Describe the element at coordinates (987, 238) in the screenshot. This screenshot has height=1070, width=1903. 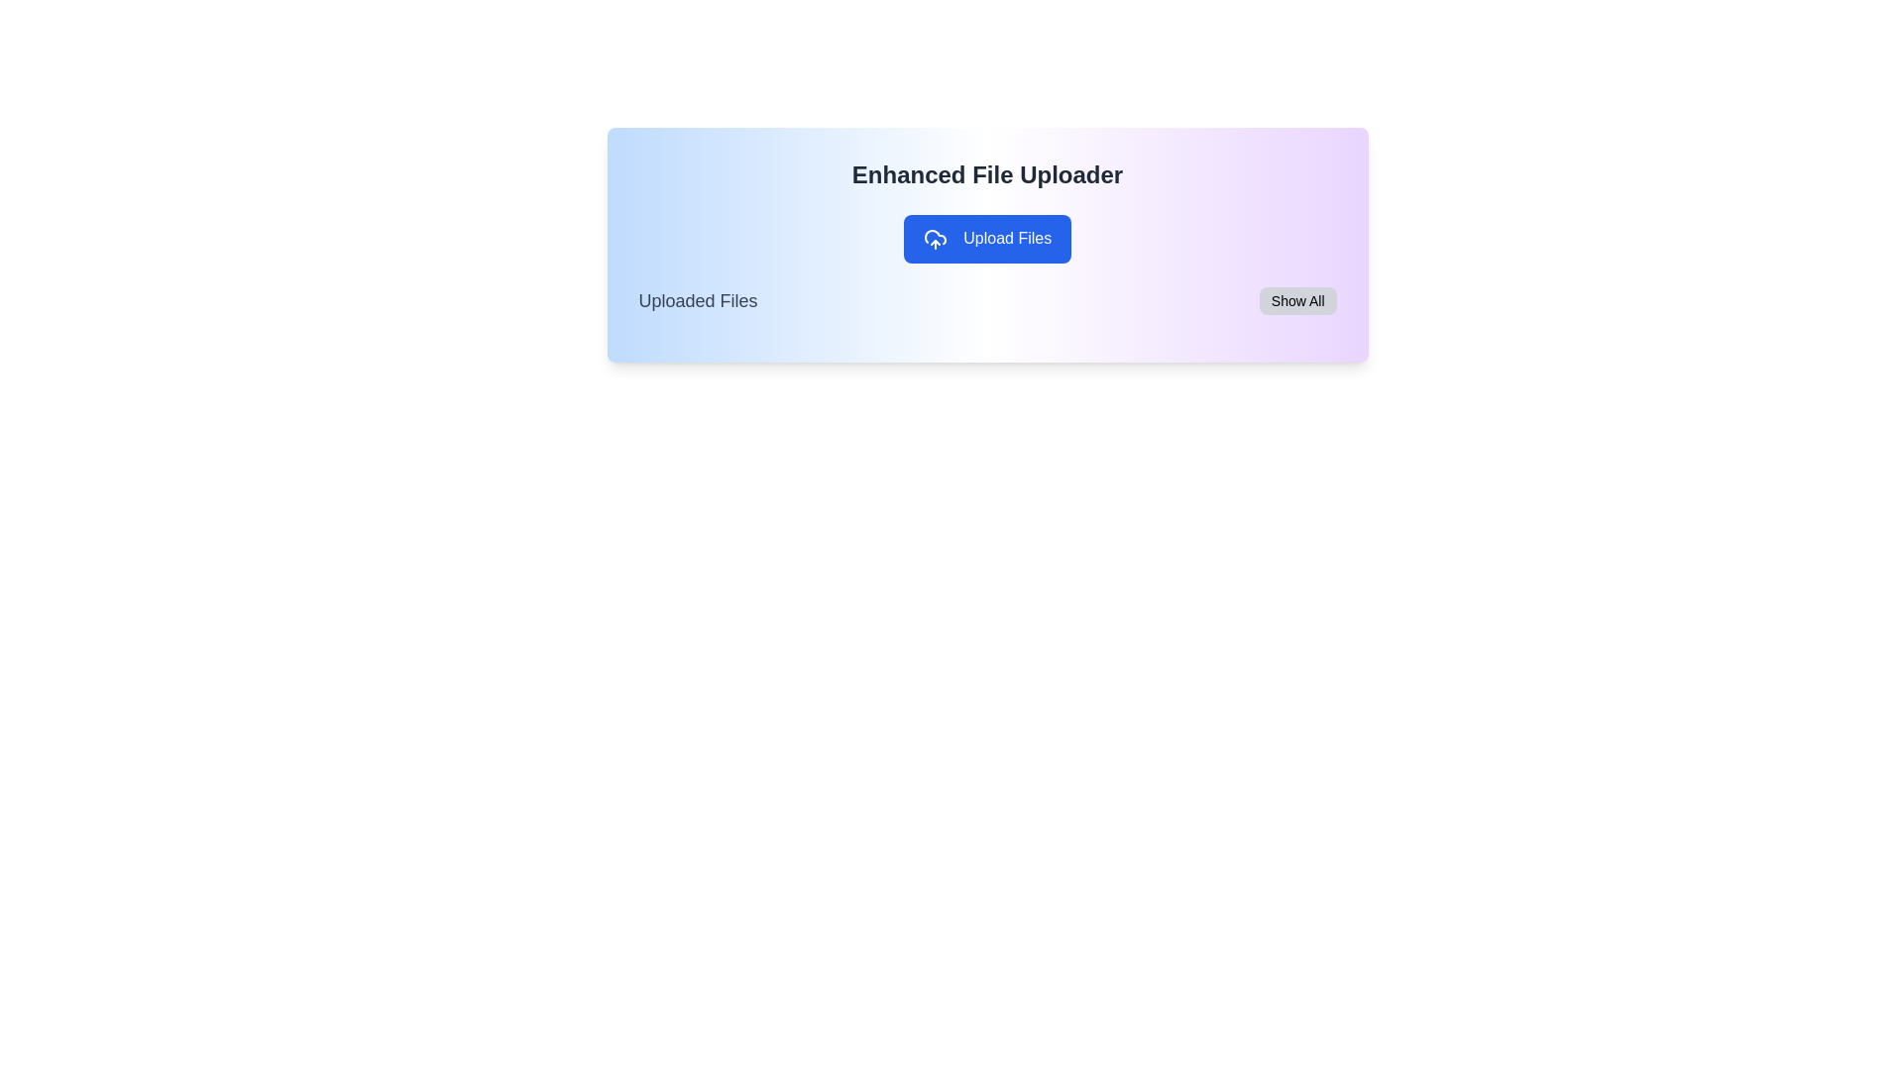
I see `the interactive file upload button located below the title 'Enhanced File Uploader'` at that location.